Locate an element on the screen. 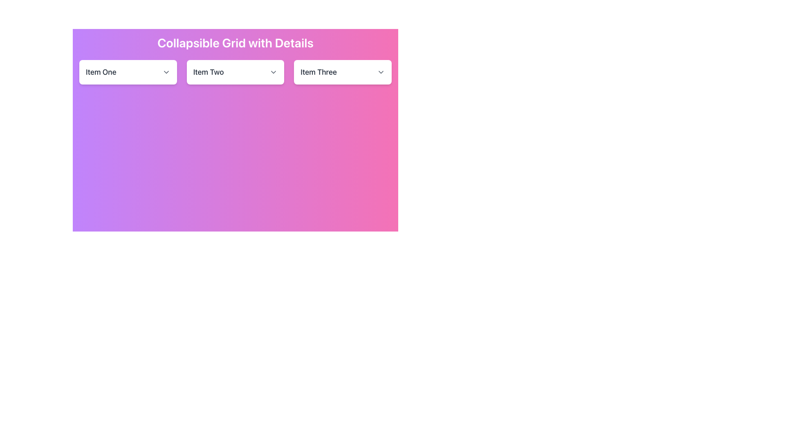  the title or label identifying the second item in the collapsible grid structure located in the center of the second column is located at coordinates (209, 72).